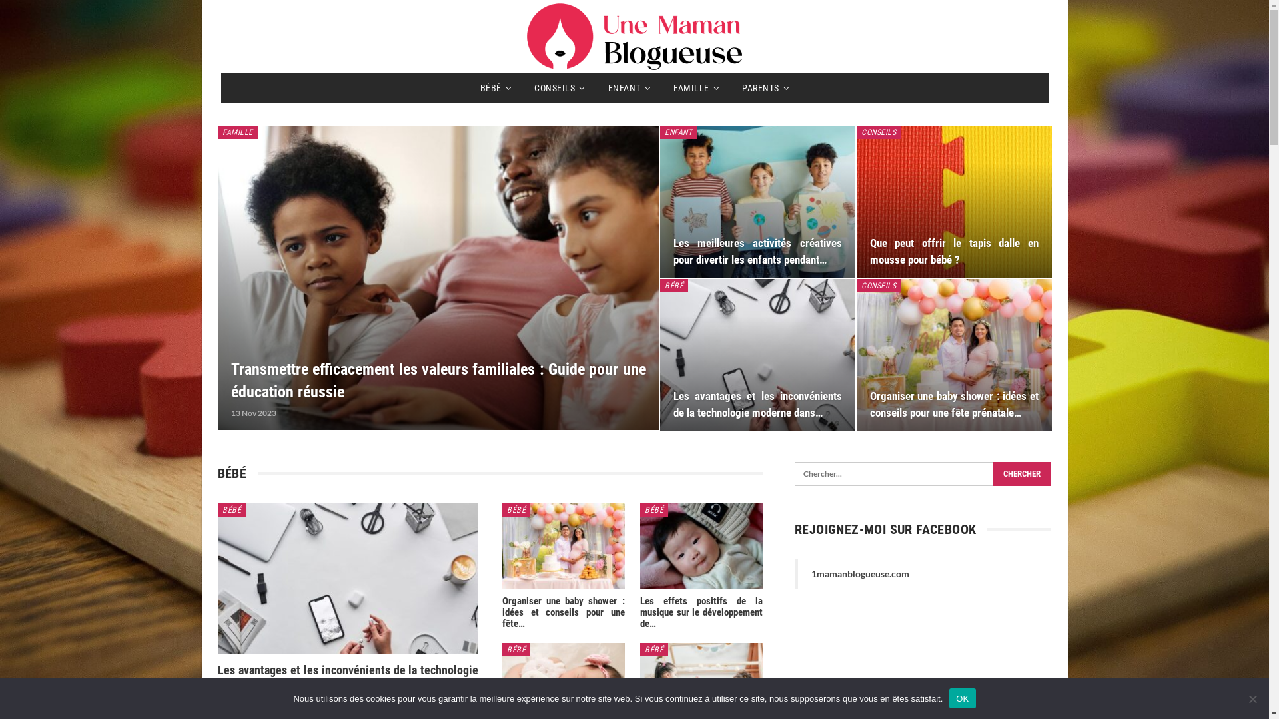  What do you see at coordinates (629, 87) in the screenshot?
I see `'ENFANT'` at bounding box center [629, 87].